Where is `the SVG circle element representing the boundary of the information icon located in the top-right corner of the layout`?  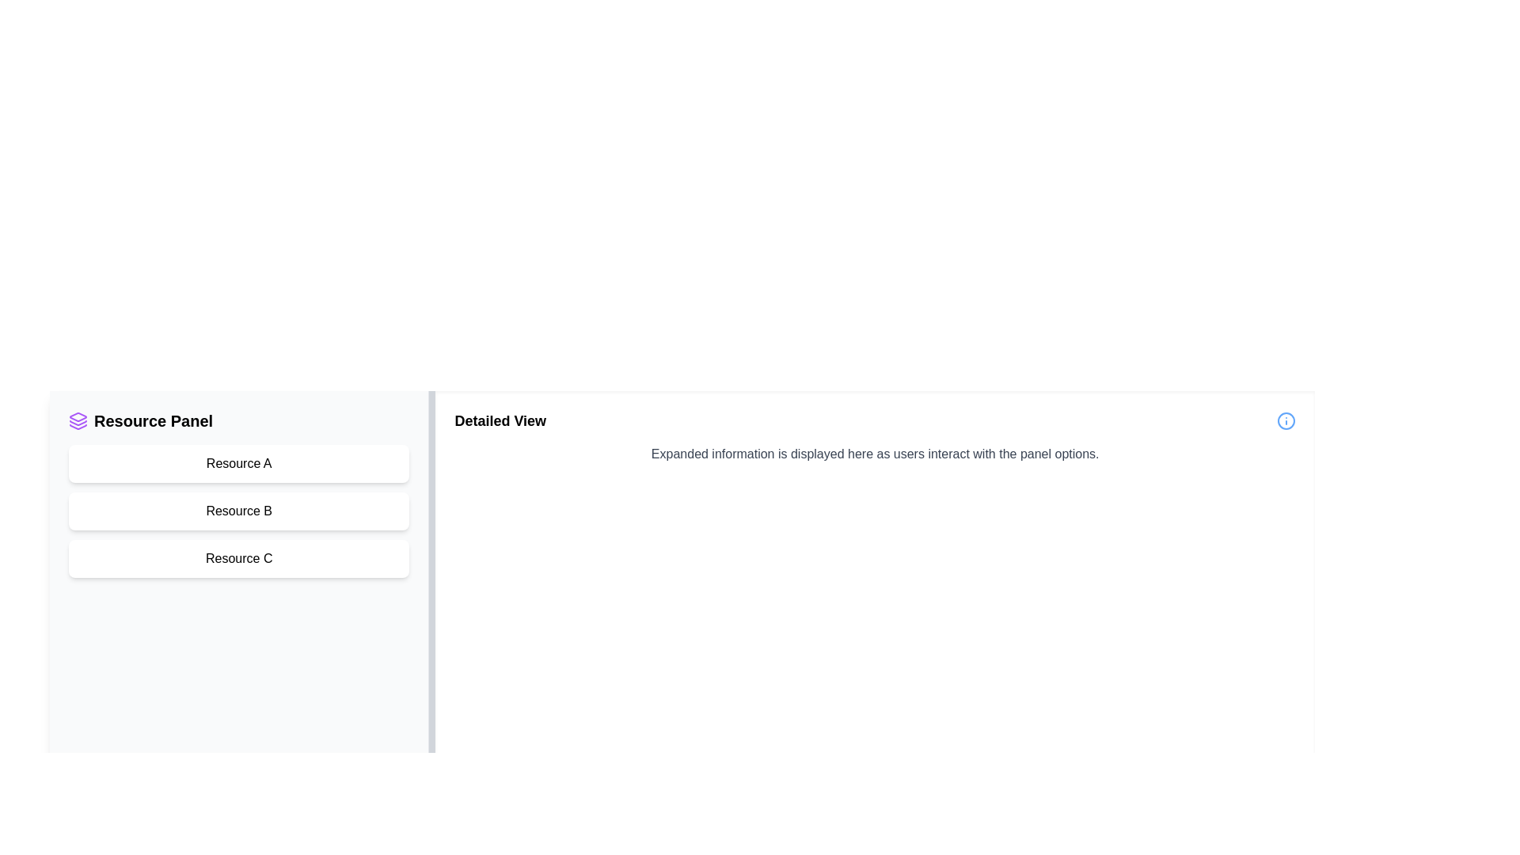 the SVG circle element representing the boundary of the information icon located in the top-right corner of the layout is located at coordinates (1286, 420).